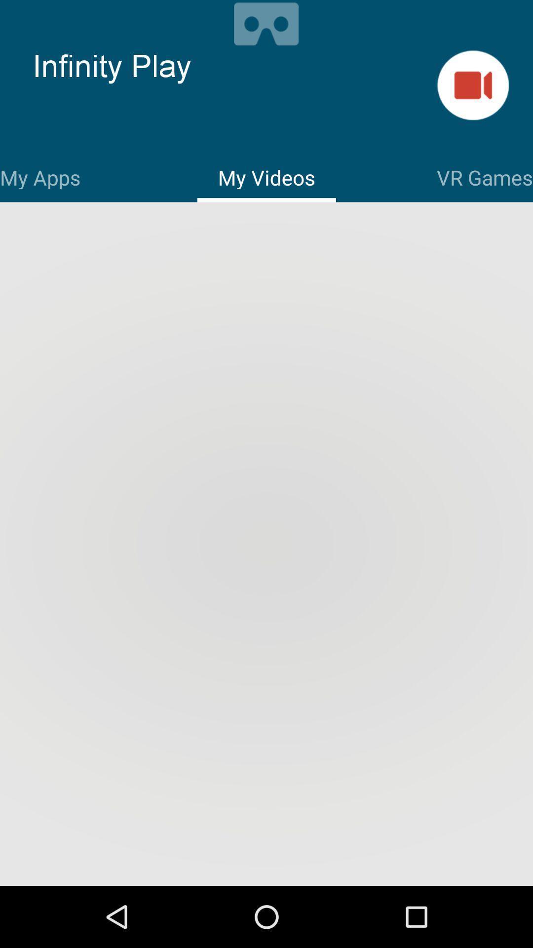 The image size is (533, 948). What do you see at coordinates (39, 176) in the screenshot?
I see `item next to my videos item` at bounding box center [39, 176].